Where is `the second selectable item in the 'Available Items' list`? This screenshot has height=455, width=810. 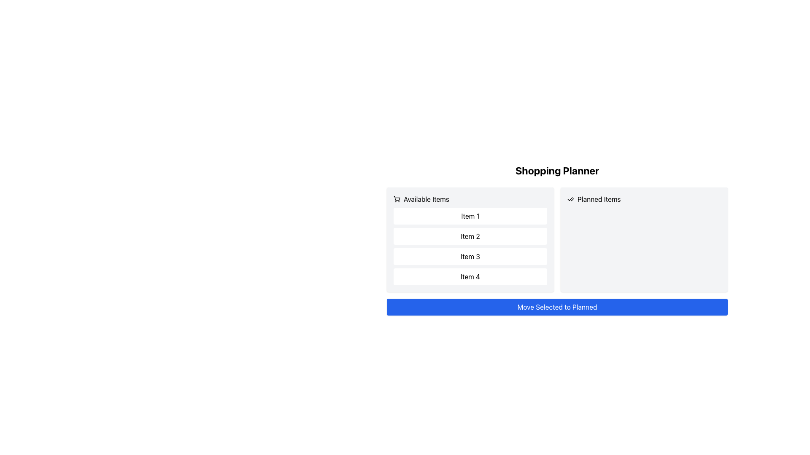
the second selectable item in the 'Available Items' list is located at coordinates (470, 236).